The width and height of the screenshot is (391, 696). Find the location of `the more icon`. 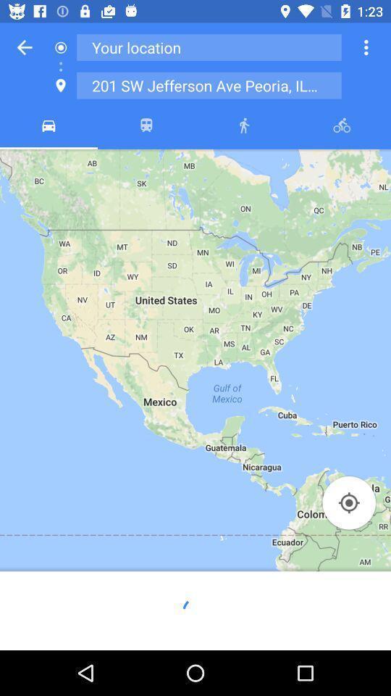

the more icon is located at coordinates (365, 47).